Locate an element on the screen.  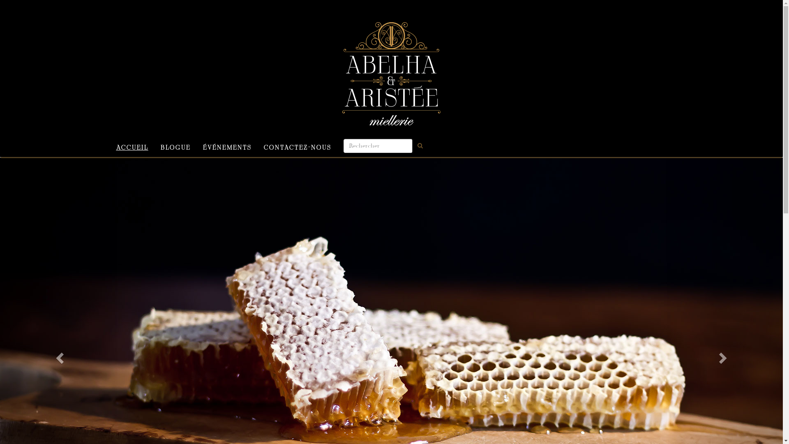
'CONTACTEZ-NOUS' is located at coordinates (297, 146).